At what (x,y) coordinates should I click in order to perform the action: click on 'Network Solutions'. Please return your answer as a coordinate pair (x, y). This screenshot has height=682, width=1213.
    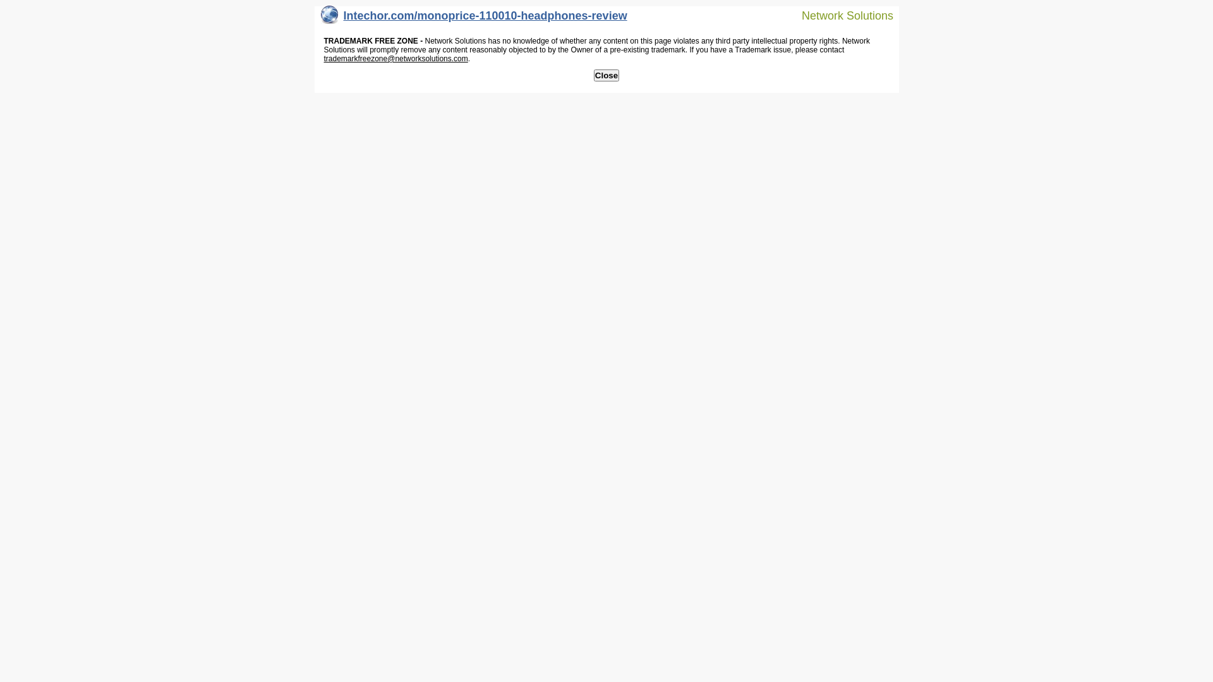
    Looking at the image, I should click on (840, 15).